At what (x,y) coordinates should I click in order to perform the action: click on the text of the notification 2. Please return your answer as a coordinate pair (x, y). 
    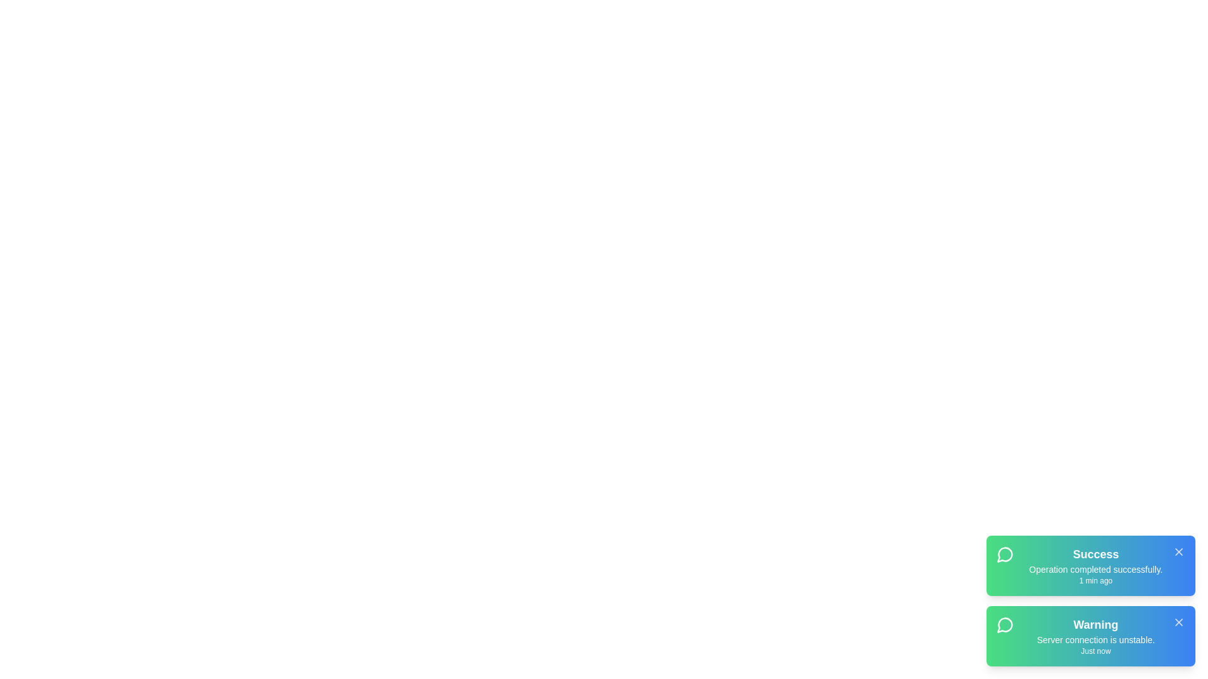
    Looking at the image, I should click on (1090, 636).